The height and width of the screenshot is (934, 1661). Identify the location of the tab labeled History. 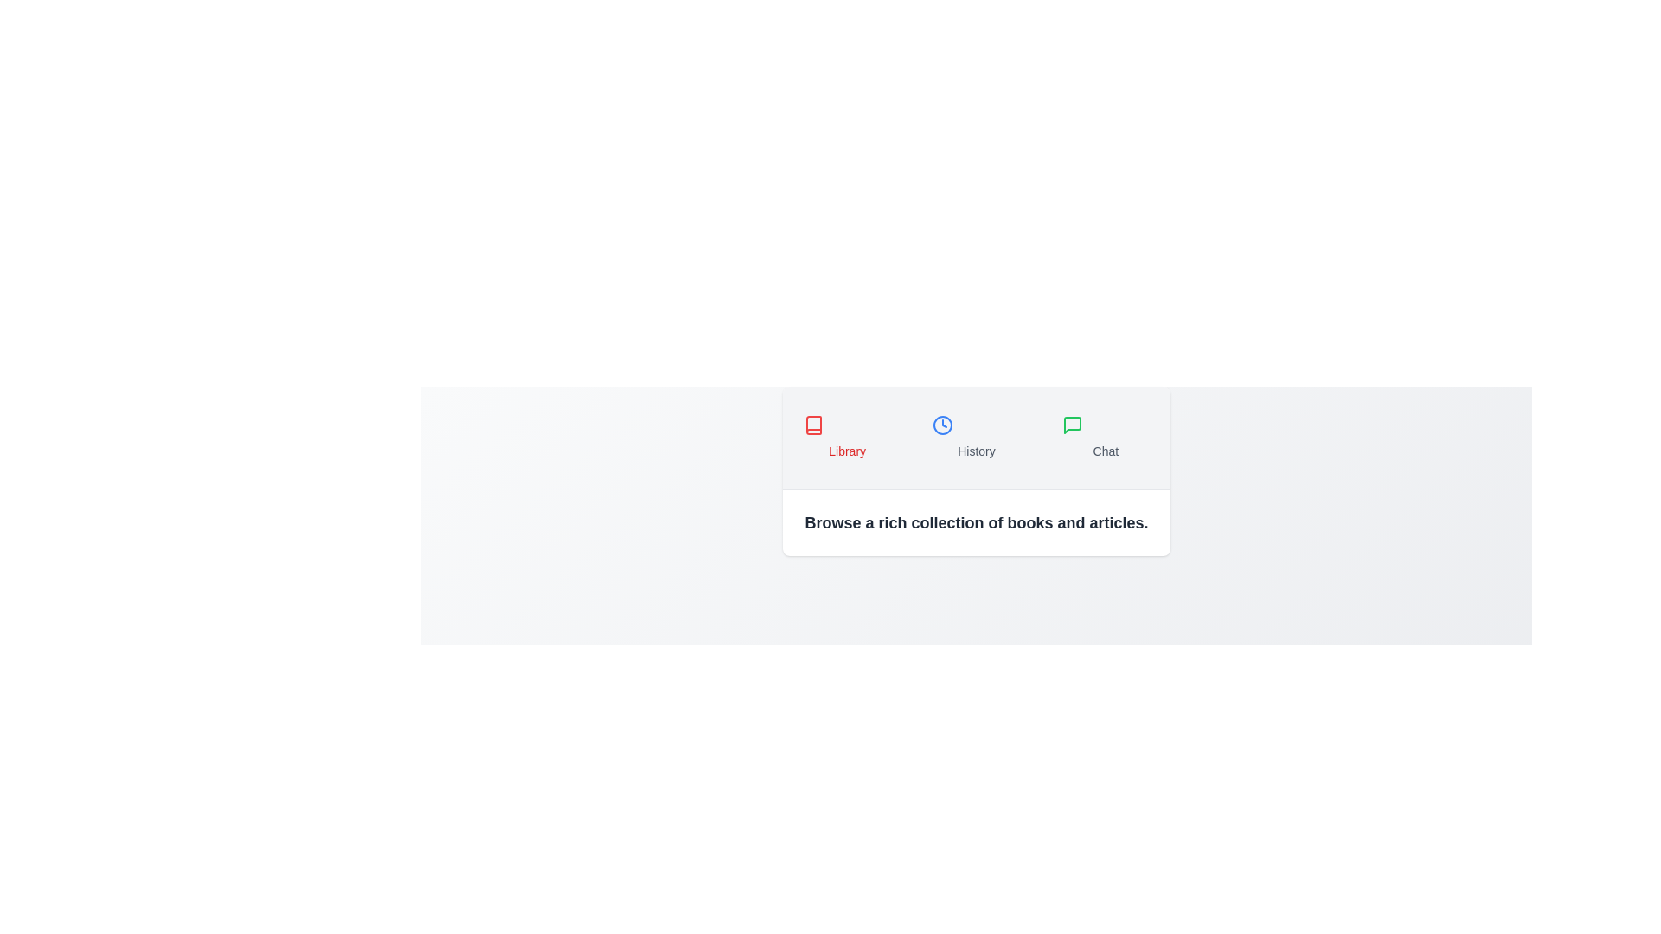
(976, 437).